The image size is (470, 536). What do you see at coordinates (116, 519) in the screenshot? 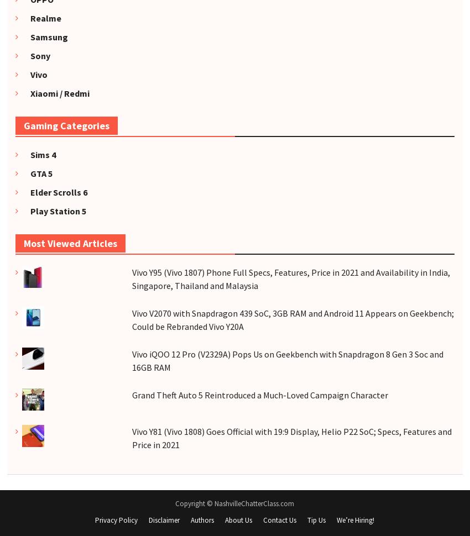
I see `'Privacy Policy'` at bounding box center [116, 519].